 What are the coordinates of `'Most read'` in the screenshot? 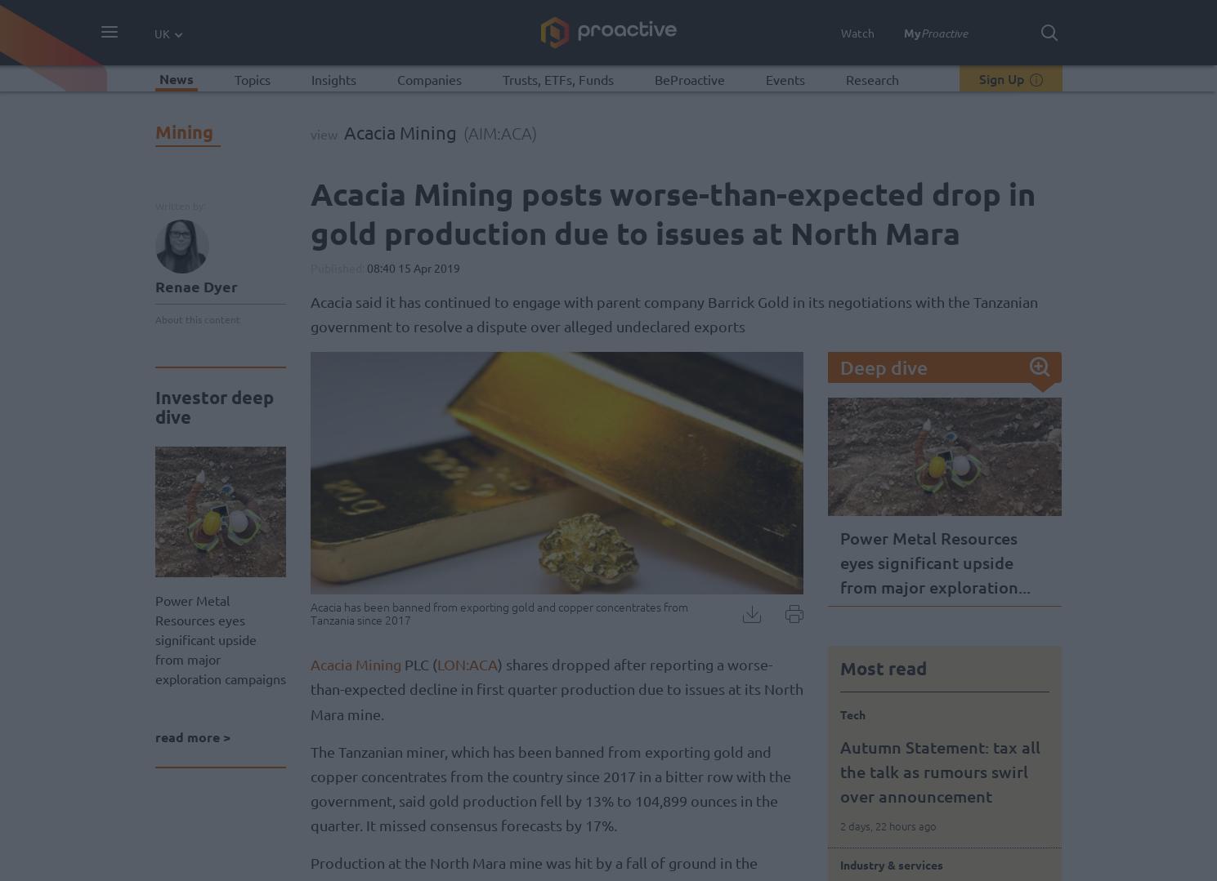 It's located at (882, 667).